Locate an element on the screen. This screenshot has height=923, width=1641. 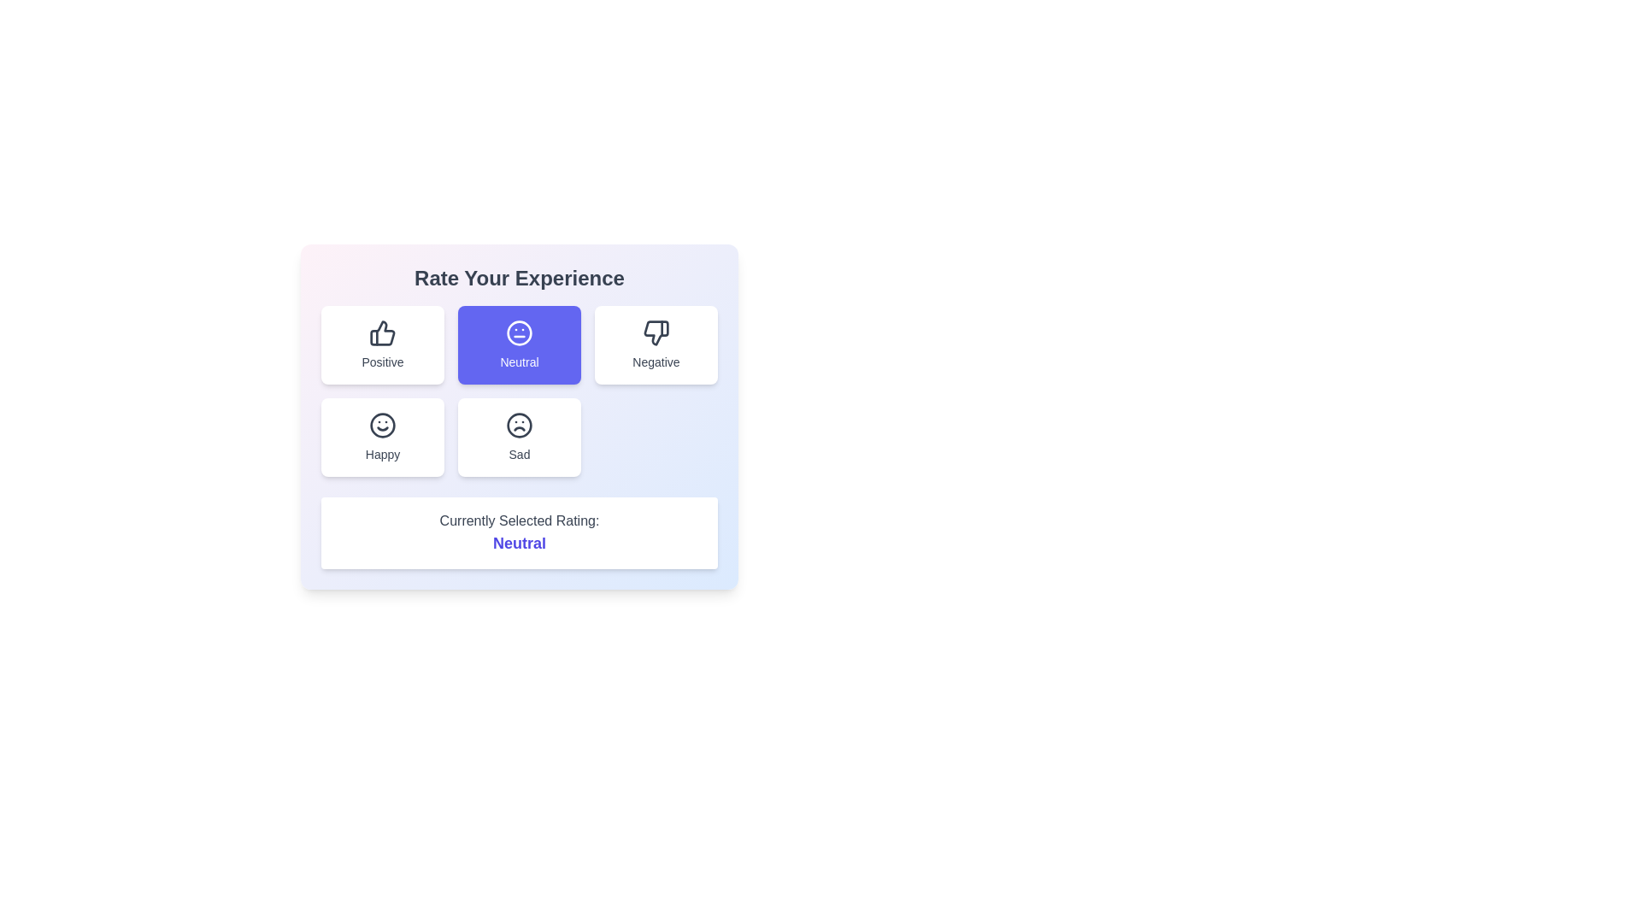
the button labeled Neutral to see its hover effect is located at coordinates (519, 345).